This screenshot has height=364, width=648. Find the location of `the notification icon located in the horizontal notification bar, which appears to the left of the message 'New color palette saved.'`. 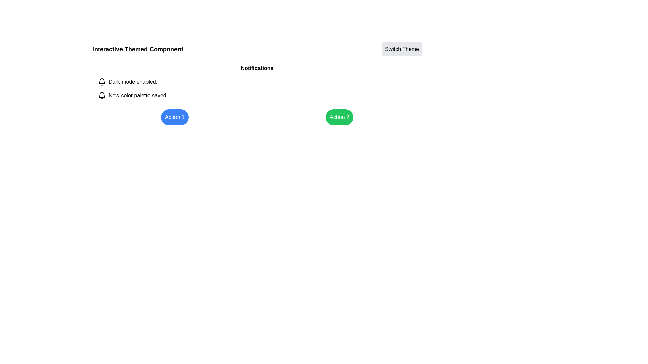

the notification icon located in the horizontal notification bar, which appears to the left of the message 'New color palette saved.' is located at coordinates (102, 96).